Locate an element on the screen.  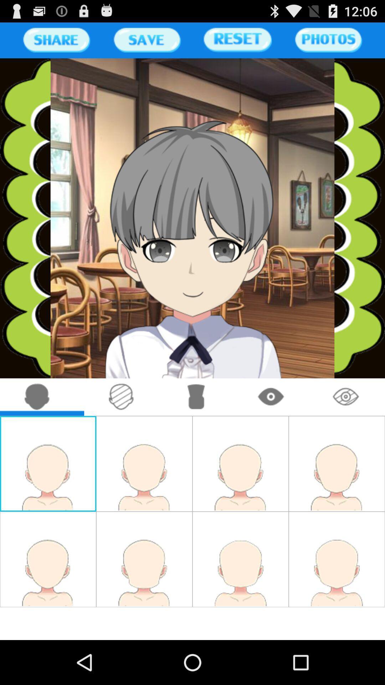
share your charachter is located at coordinates (56, 40).